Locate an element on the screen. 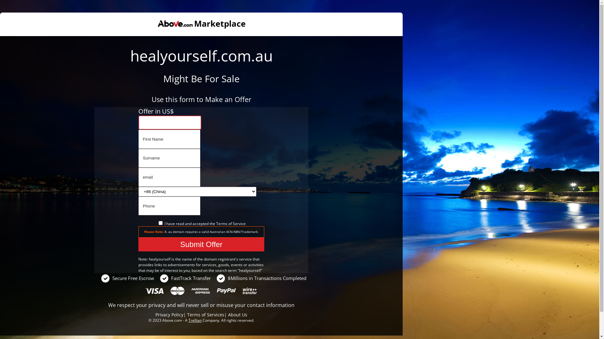  'About Us' is located at coordinates (237, 315).